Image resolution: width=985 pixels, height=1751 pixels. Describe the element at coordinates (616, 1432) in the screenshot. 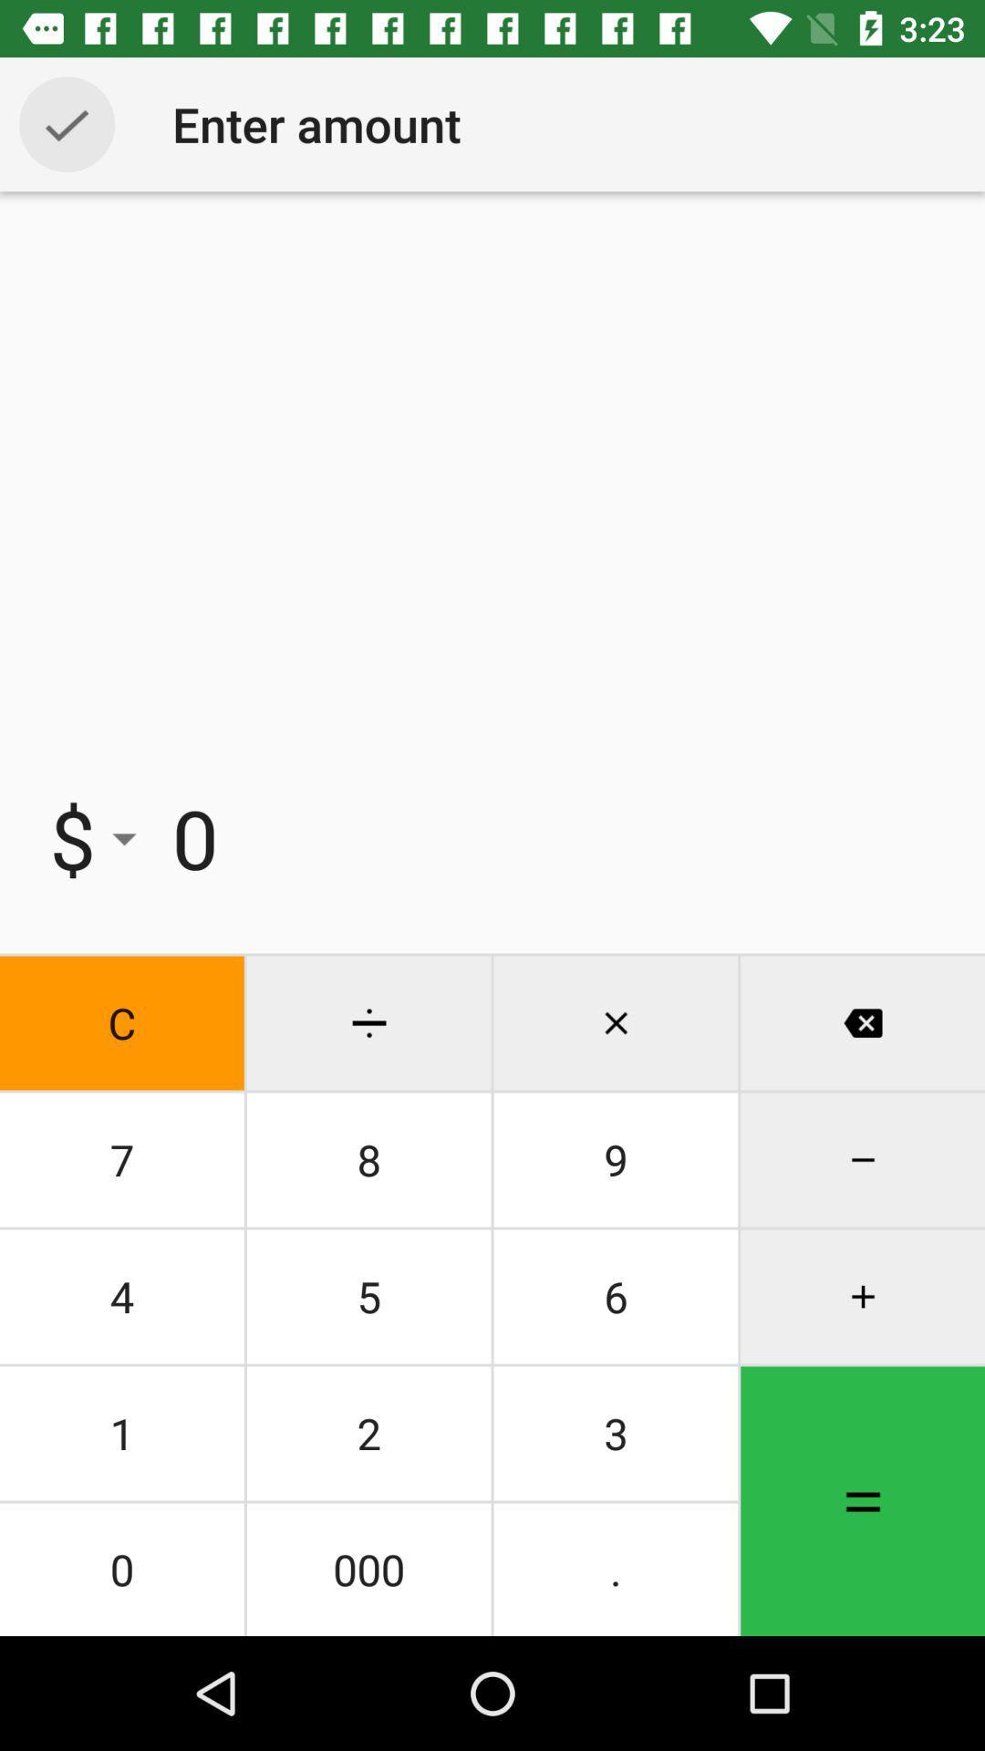

I see `item to the right of the 5` at that location.